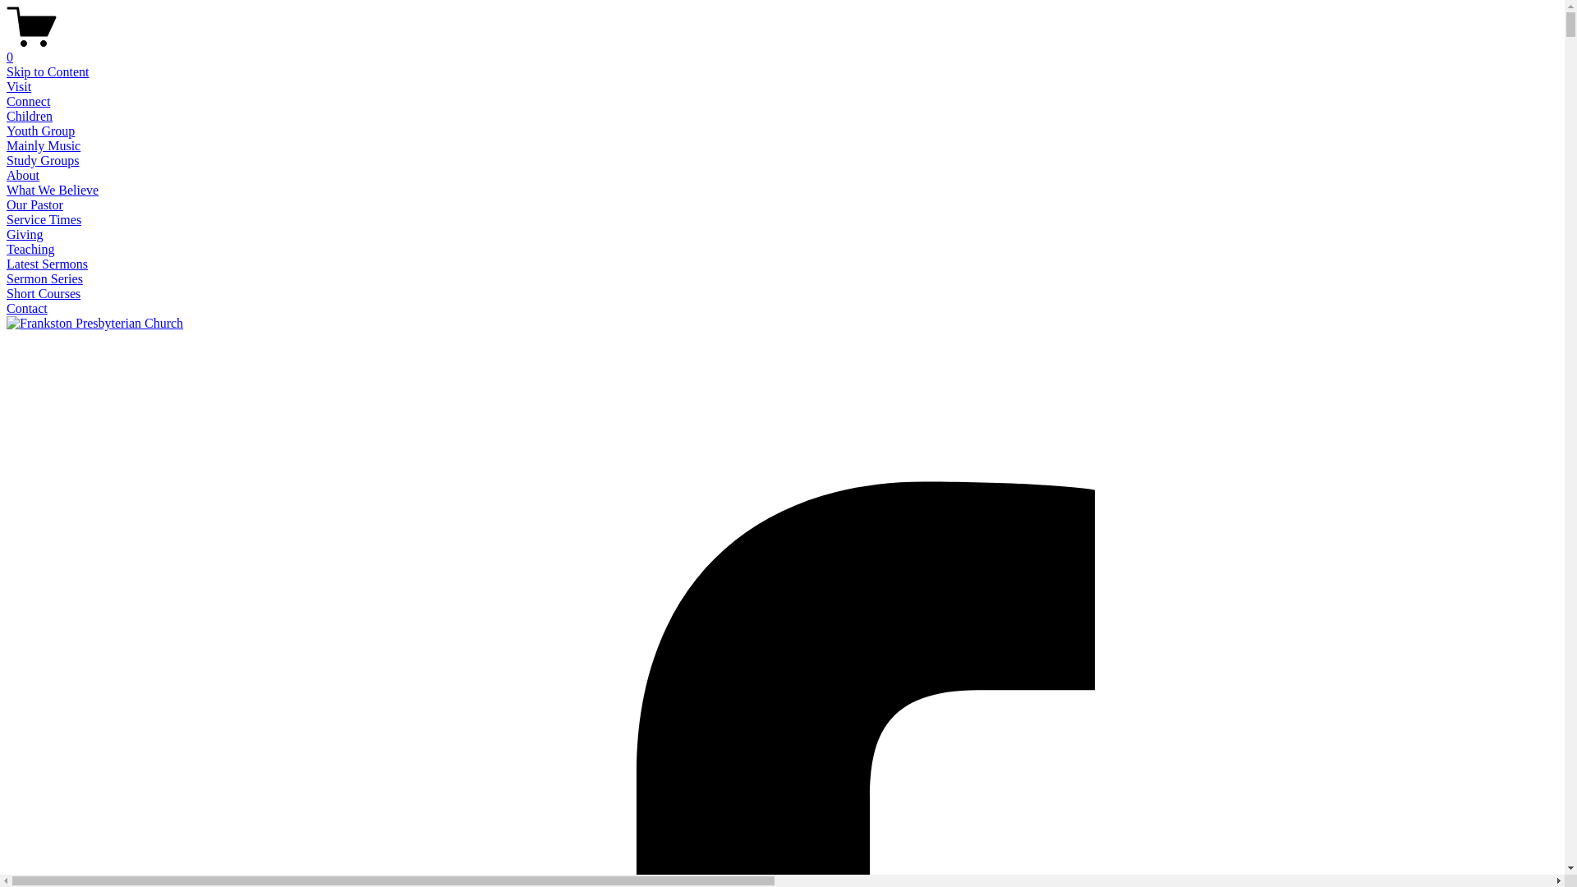 This screenshot has height=887, width=1577. What do you see at coordinates (24, 234) in the screenshot?
I see `'Giving'` at bounding box center [24, 234].